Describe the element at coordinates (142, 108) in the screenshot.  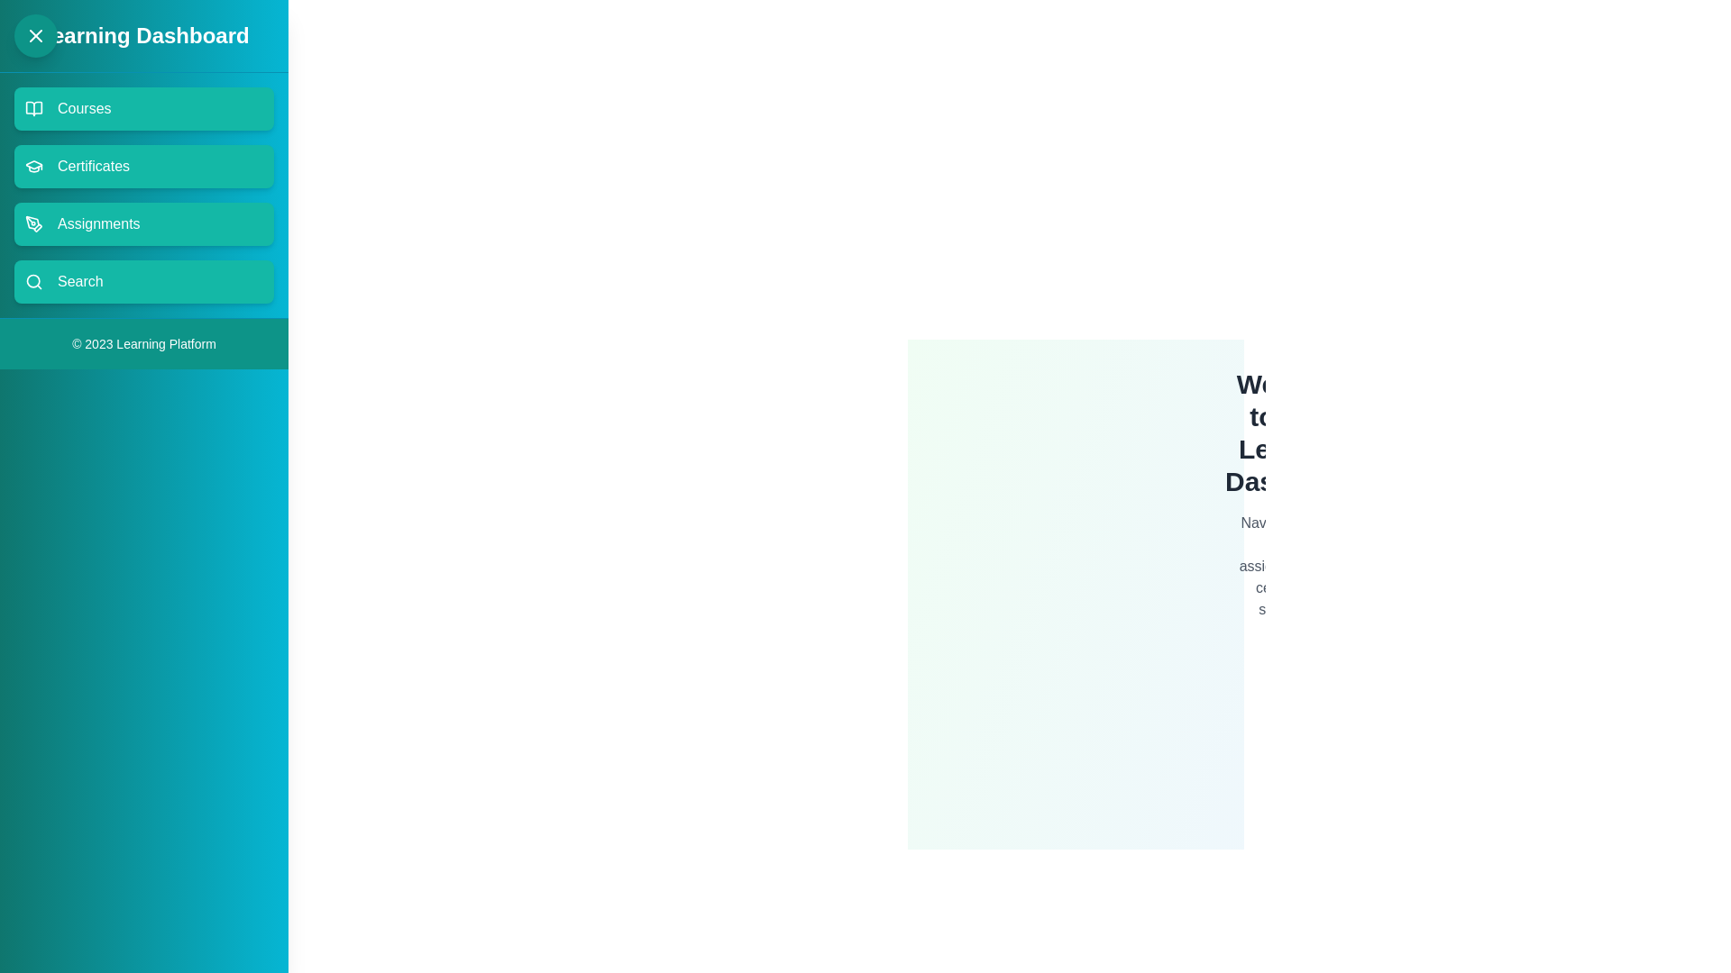
I see `the navigation button for courses, located in the sidebar above the buttons labeled 'Certificates', 'Assignments', and 'Search'` at that location.